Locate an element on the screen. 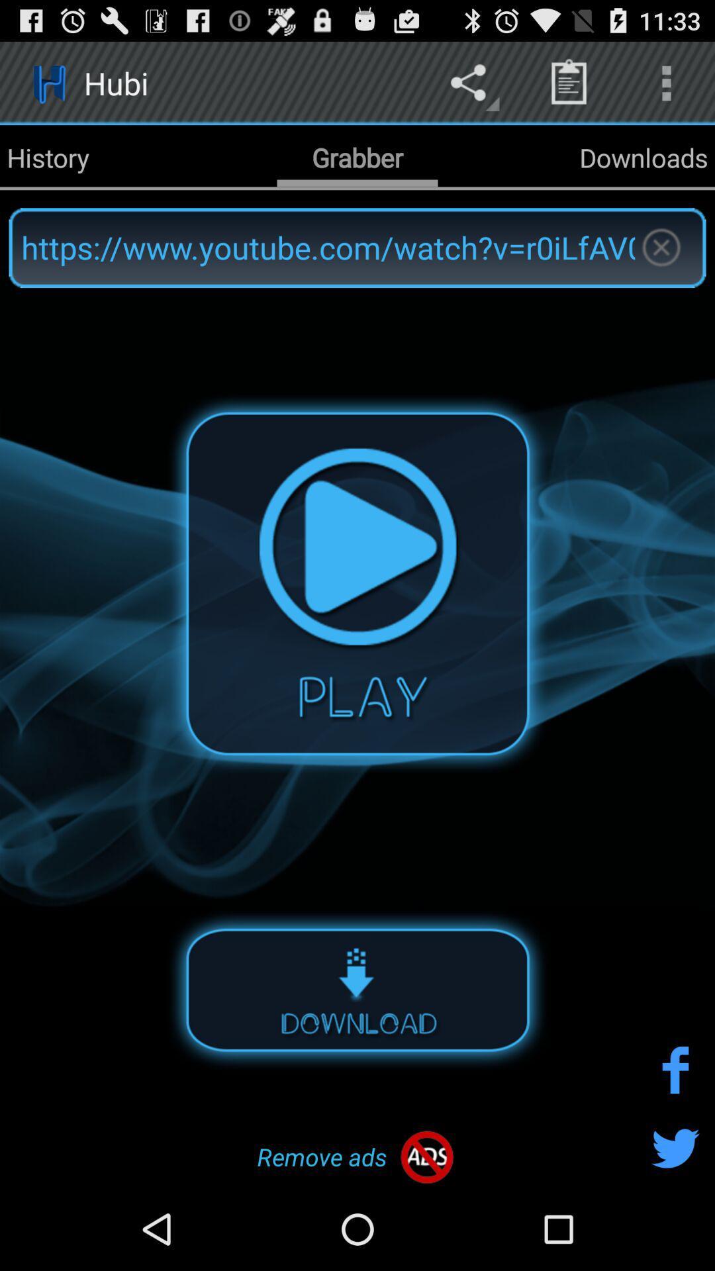  the close icon is located at coordinates (661, 265).